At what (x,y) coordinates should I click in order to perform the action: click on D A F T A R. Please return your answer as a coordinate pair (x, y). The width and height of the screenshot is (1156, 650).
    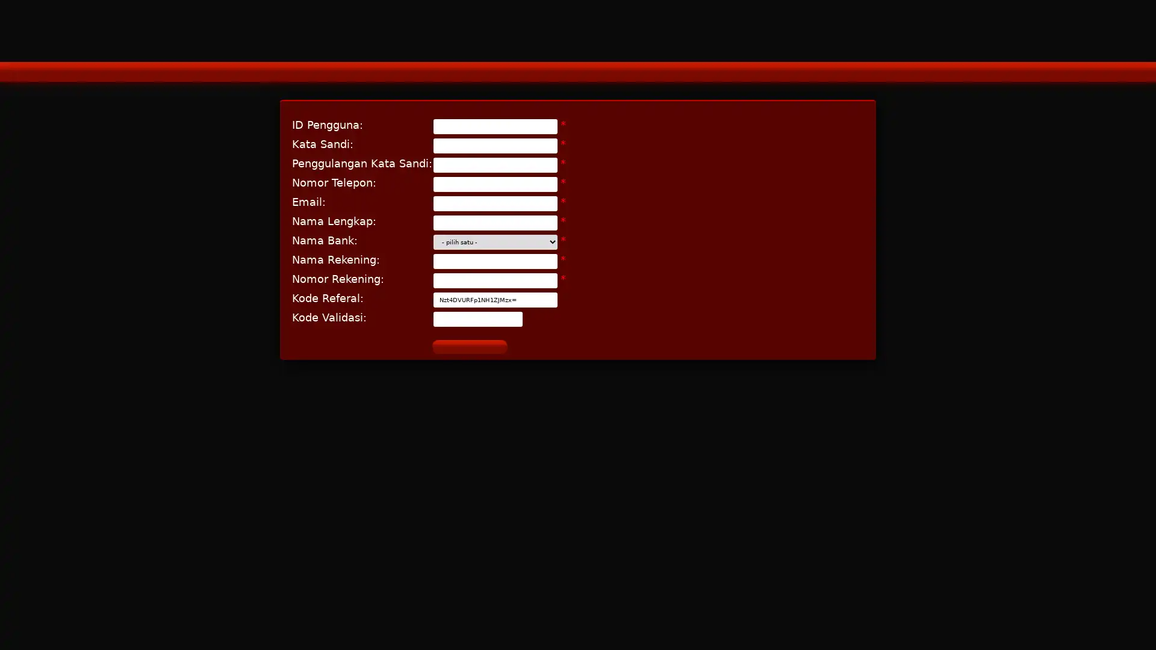
    Looking at the image, I should click on (469, 347).